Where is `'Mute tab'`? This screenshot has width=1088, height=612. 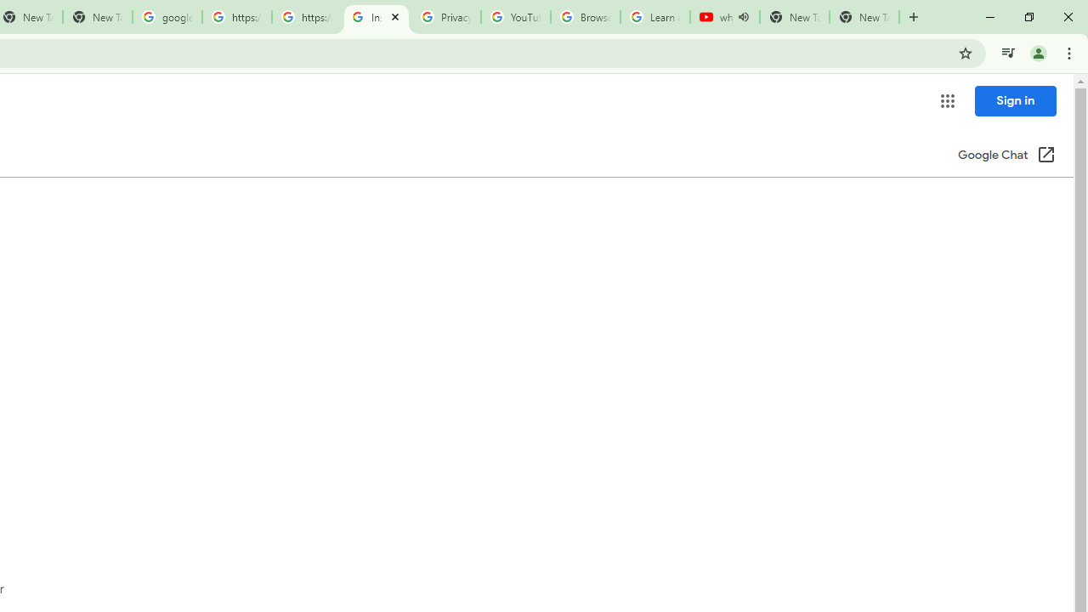
'Mute tab' is located at coordinates (743, 17).